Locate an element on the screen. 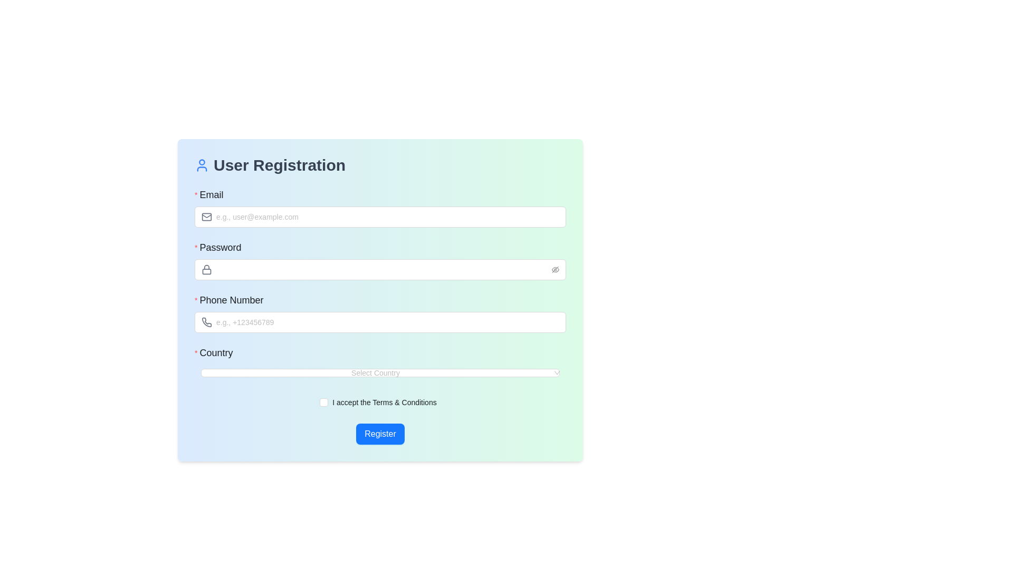  the Dropdown menu for country selection in the User Registration form to prepare for keyboard navigation is located at coordinates (380, 372).